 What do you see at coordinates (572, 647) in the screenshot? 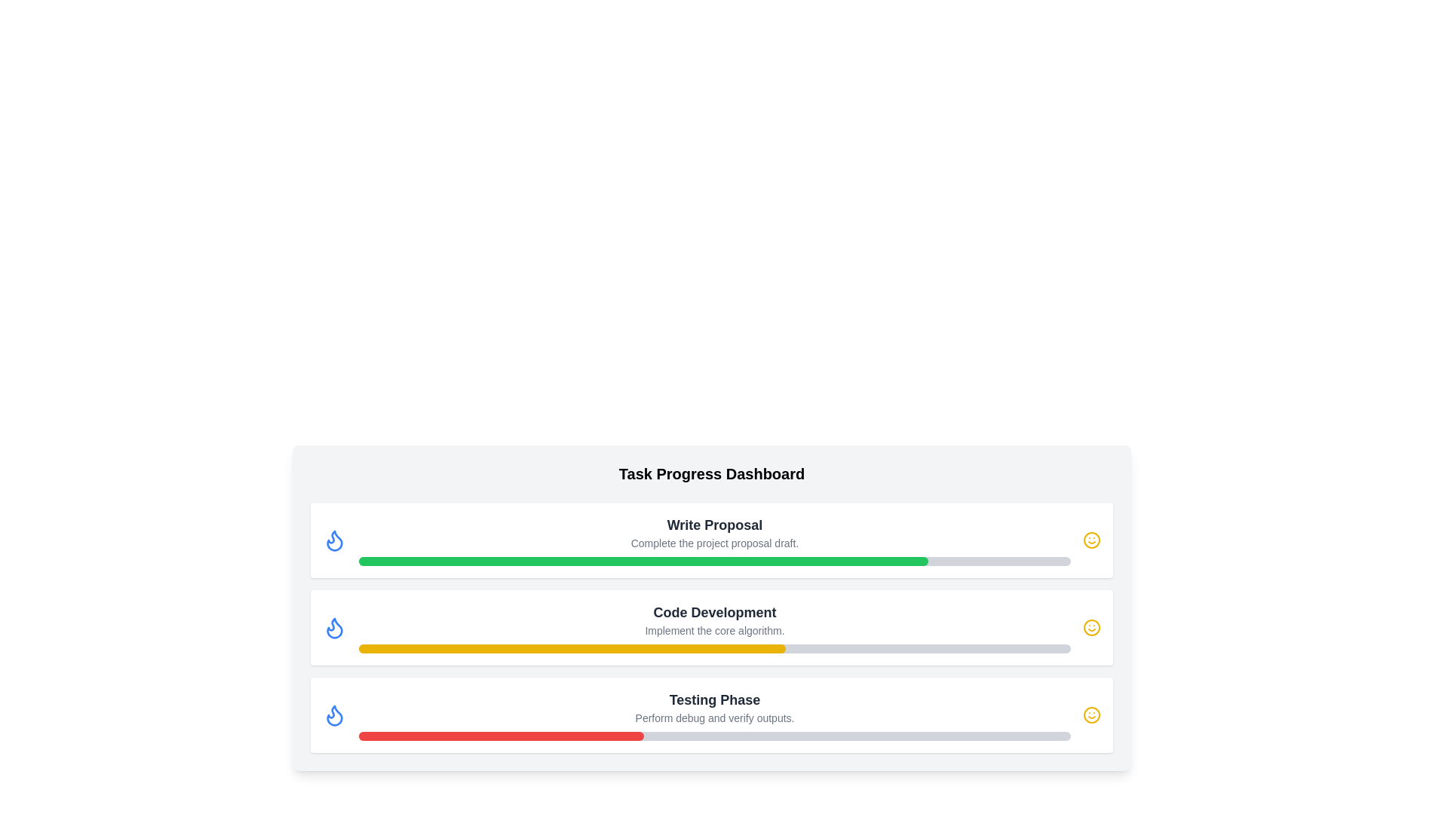
I see `the yellow progress bar segment under the 'Code Development' heading, which represents 60% of the progress bar's width` at bounding box center [572, 647].